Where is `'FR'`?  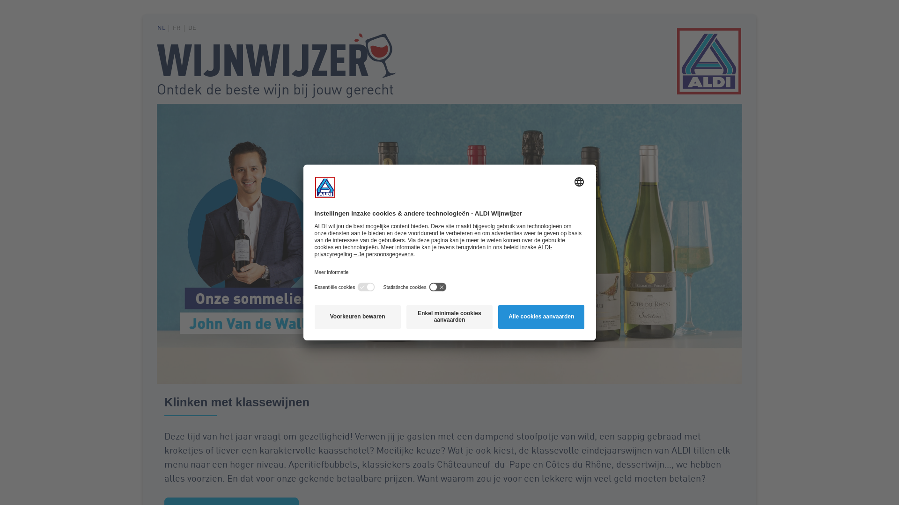 'FR' is located at coordinates (178, 28).